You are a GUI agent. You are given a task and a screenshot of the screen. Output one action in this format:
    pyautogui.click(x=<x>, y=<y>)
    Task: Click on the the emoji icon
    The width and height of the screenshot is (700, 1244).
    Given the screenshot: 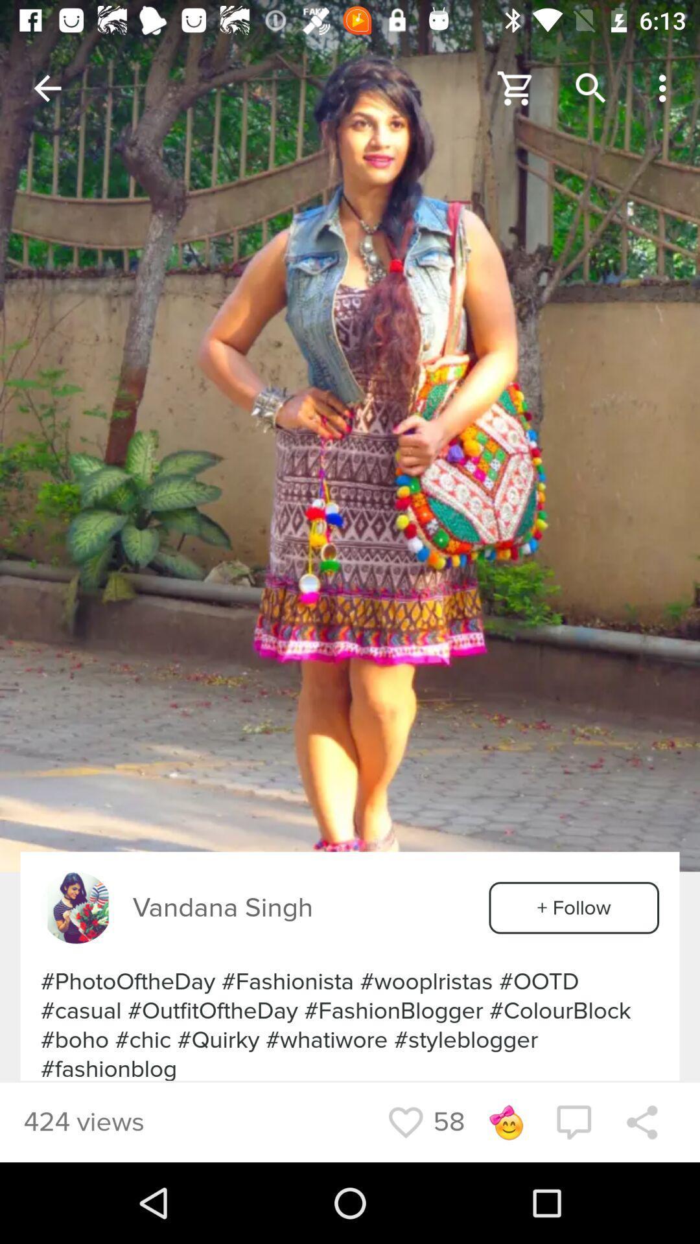 What is the action you would take?
    pyautogui.click(x=505, y=1122)
    